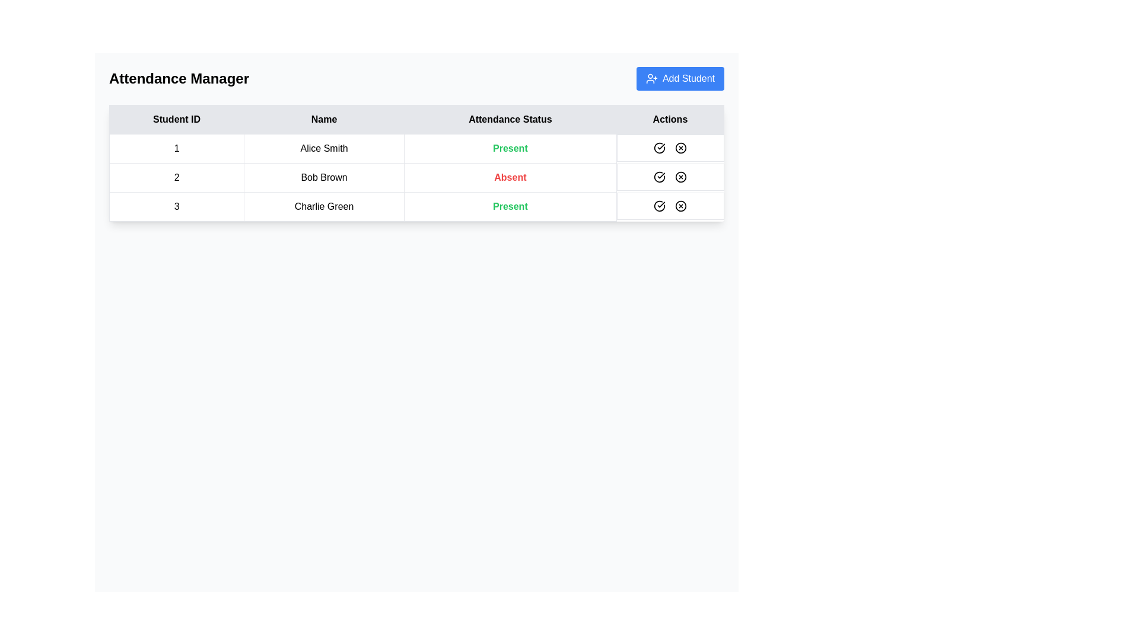  Describe the element at coordinates (510, 119) in the screenshot. I see `the text label in the third column of the table header that indicates attendance status, positioned between 'Name' and 'Actions'` at that location.